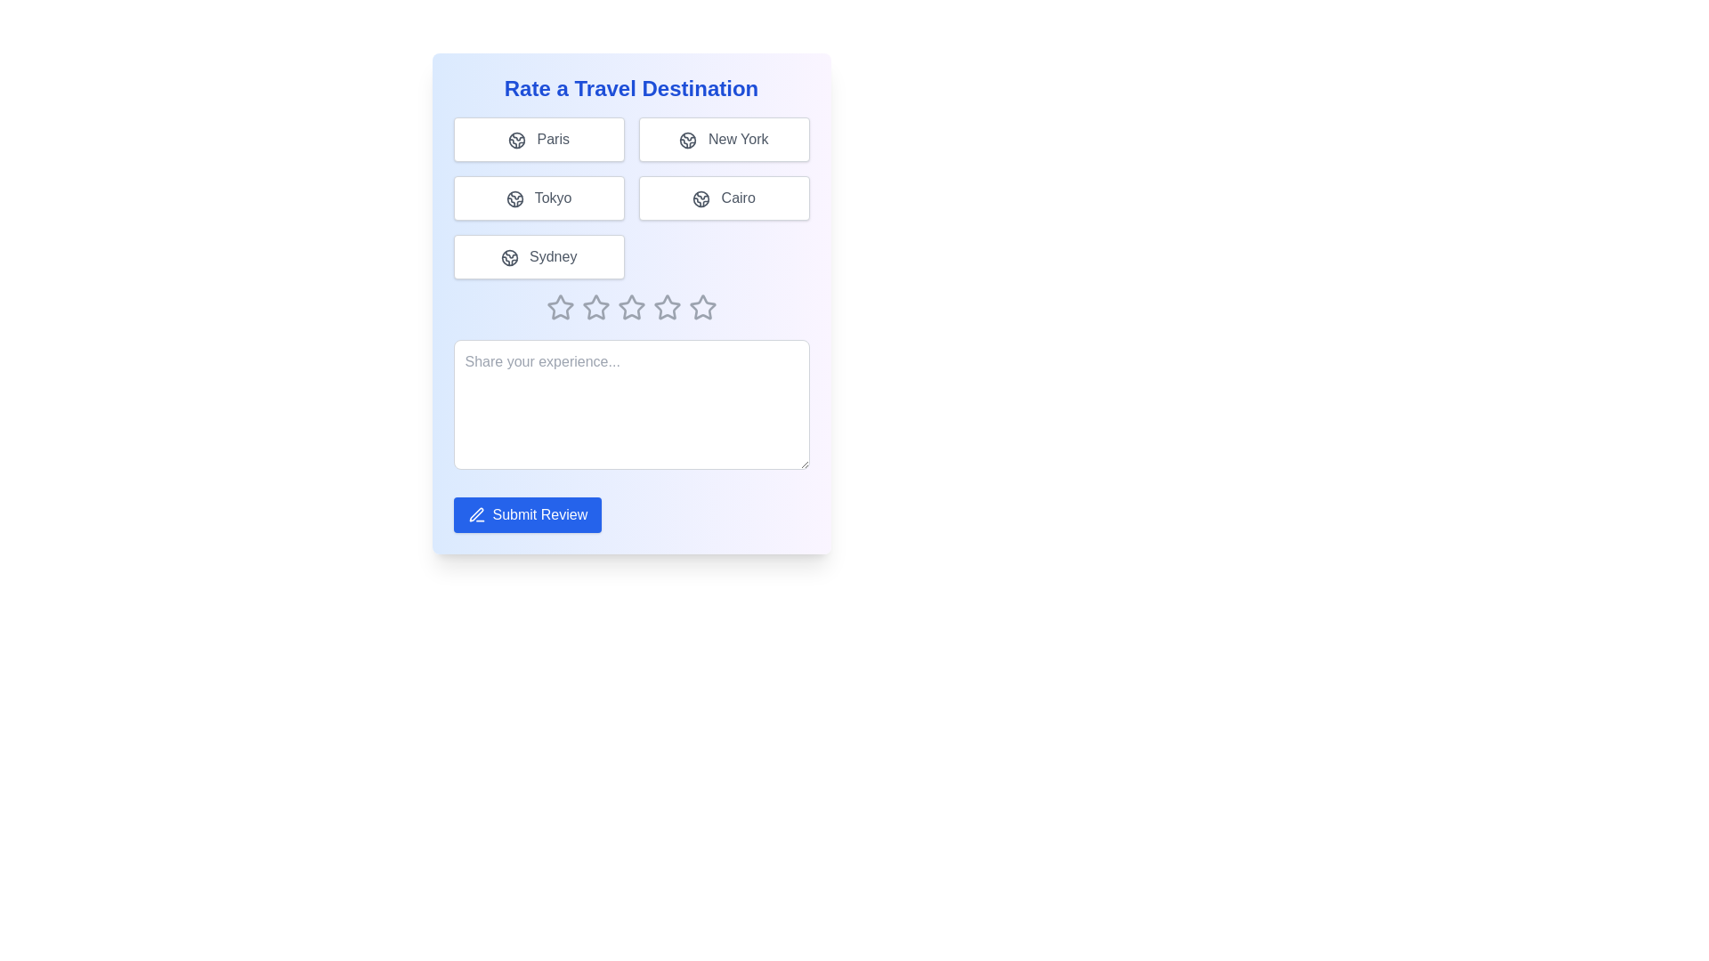  I want to click on the Earth icon, which is dark gray and circular, located to the left of the text labeled 'Tokyo' in the 'Rate a Travel Destination' section, so click(514, 198).